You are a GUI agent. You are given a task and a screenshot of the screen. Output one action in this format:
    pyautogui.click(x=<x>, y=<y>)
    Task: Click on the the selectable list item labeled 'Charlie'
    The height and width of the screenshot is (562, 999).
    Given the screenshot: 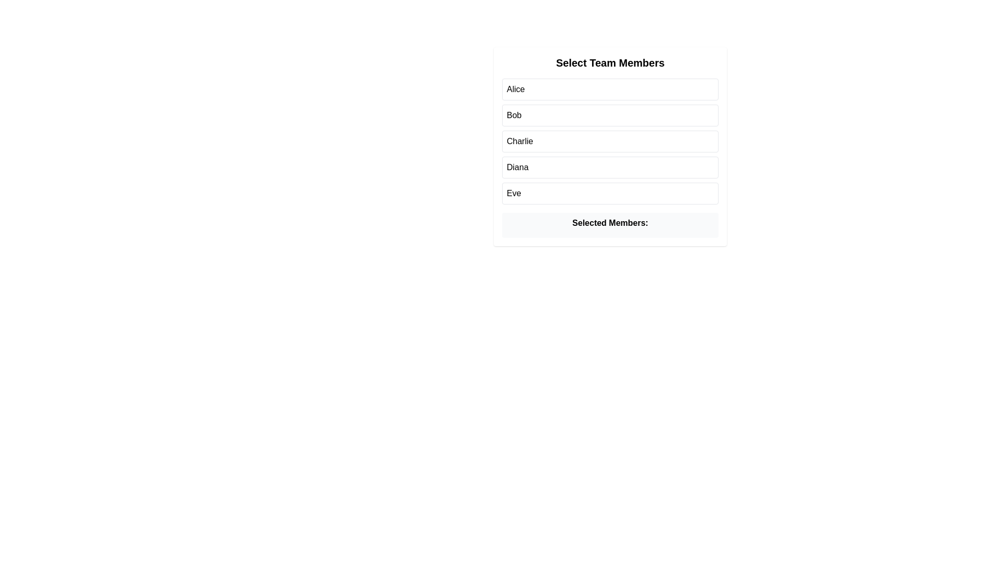 What is the action you would take?
    pyautogui.click(x=610, y=142)
    